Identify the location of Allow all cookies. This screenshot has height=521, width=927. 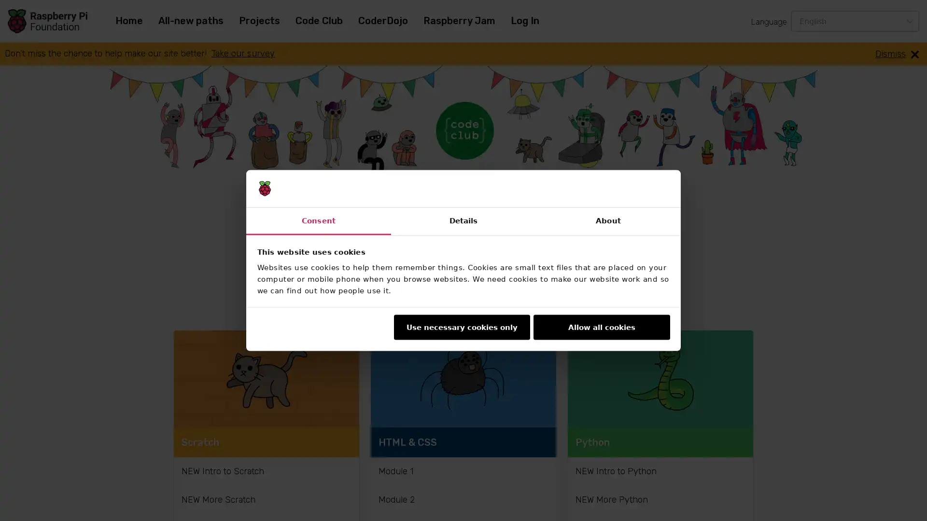
(601, 327).